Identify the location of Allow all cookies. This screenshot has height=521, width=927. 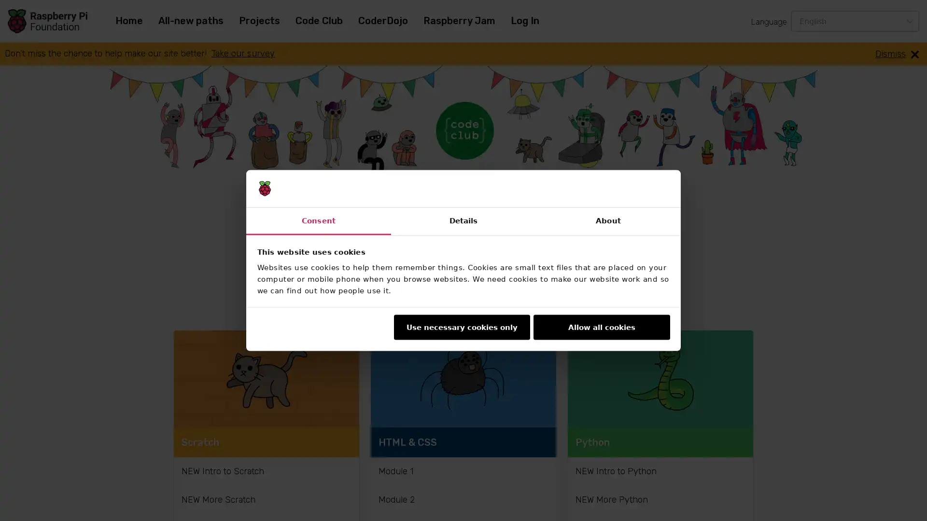
(601, 327).